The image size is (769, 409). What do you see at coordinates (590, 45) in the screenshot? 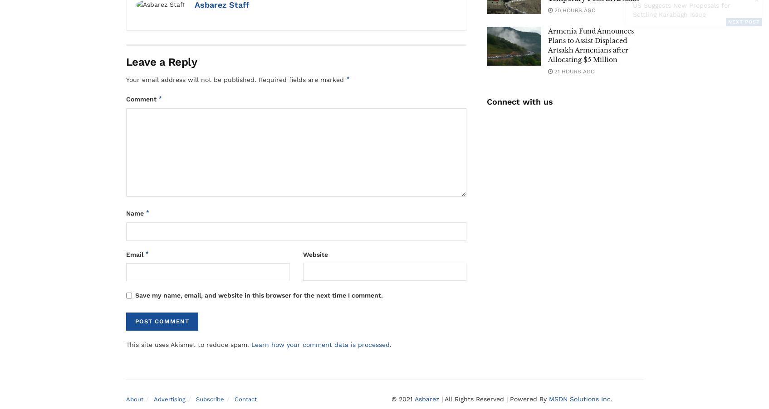
I see `'Armenia Fund Announces Plans to Assist Displaced Artsakh Armenians after Allocating $5 Million'` at bounding box center [590, 45].